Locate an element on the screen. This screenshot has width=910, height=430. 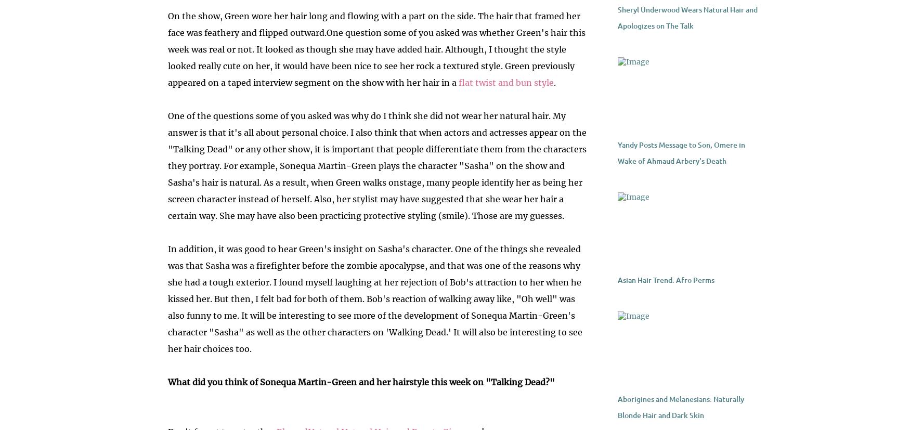
'flat twist and bun style' is located at coordinates (505, 83).